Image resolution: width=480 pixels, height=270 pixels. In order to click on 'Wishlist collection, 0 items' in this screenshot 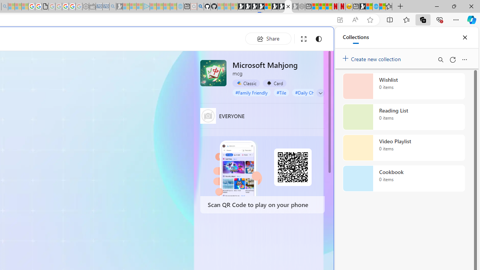, I will do `click(403, 86)`.